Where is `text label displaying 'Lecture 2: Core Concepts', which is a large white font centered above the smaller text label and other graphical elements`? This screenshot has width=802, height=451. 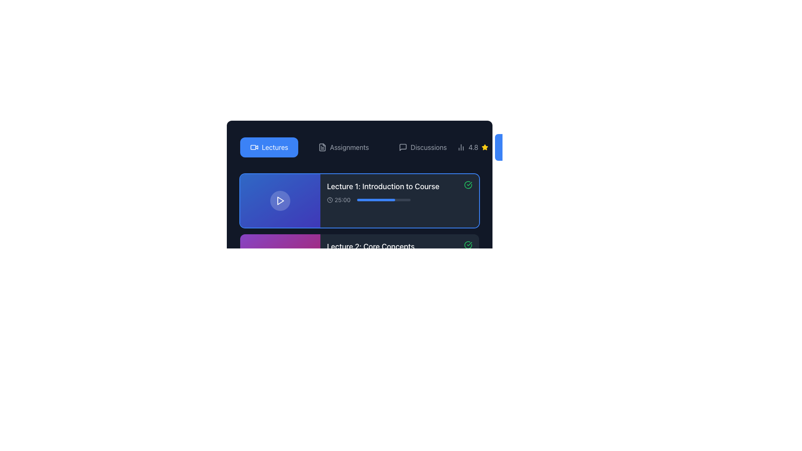 text label displaying 'Lecture 2: Core Concepts', which is a large white font centered above the smaller text label and other graphical elements is located at coordinates (370, 246).